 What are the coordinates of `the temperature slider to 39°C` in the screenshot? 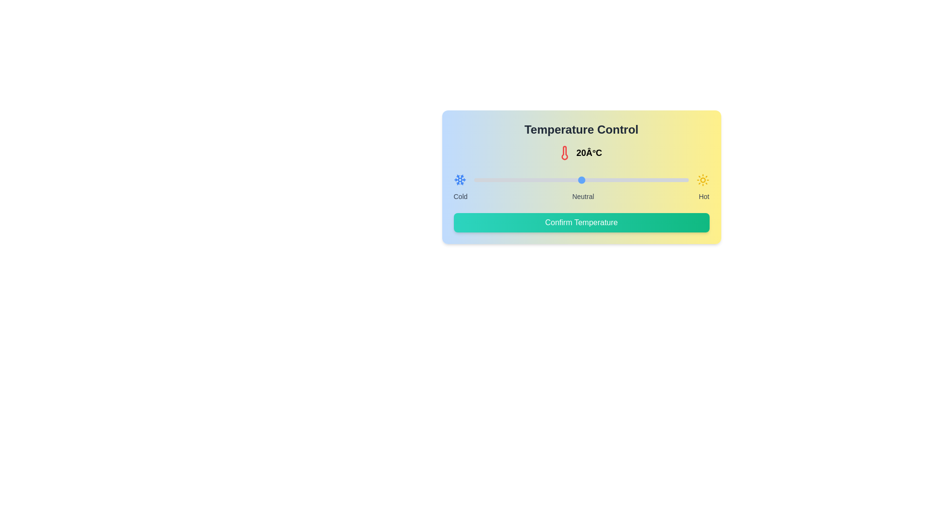 It's located at (682, 180).